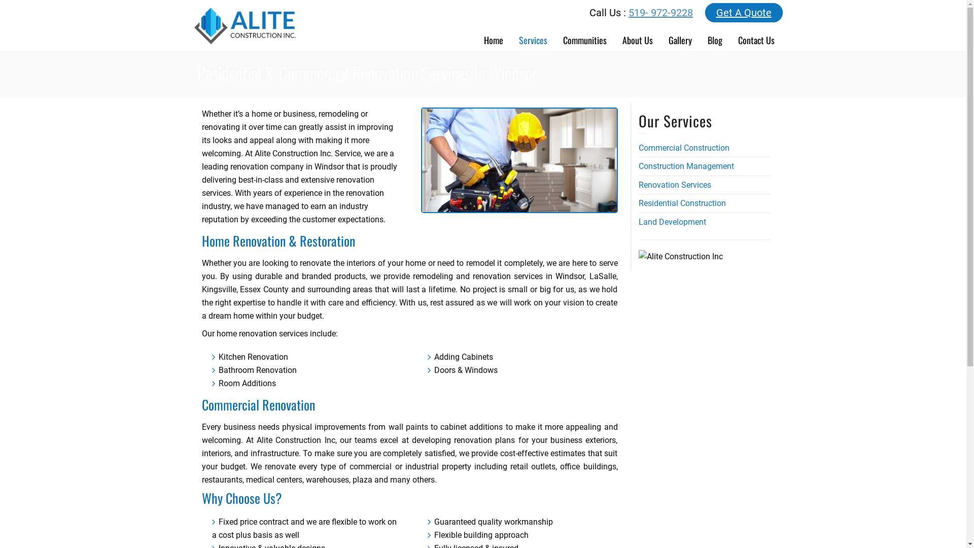 The height and width of the screenshot is (548, 974). What do you see at coordinates (705, 12) in the screenshot?
I see `'Get A Quote'` at bounding box center [705, 12].